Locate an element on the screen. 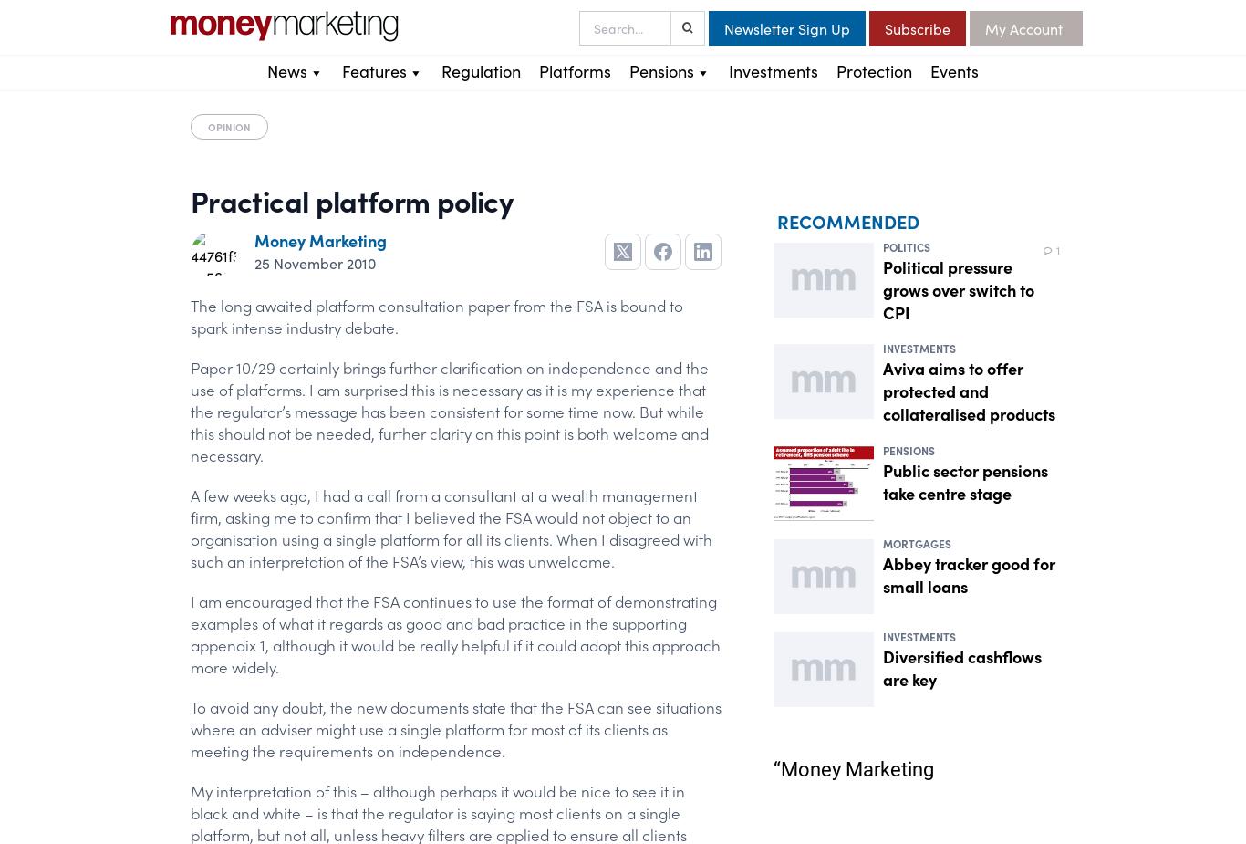 This screenshot has width=1246, height=844. 'Political pressure grows over switch to CPI' is located at coordinates (958, 287).